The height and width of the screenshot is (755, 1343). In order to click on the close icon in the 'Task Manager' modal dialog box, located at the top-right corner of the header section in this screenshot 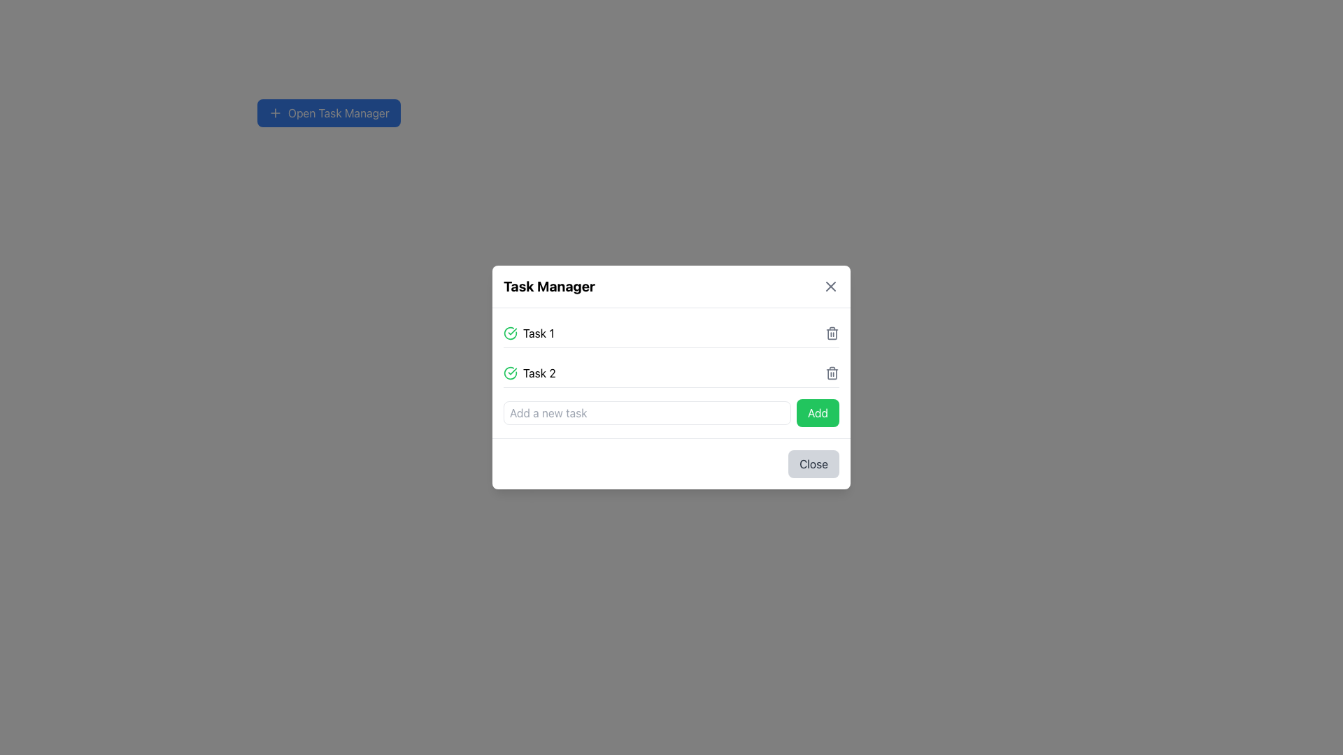, I will do `click(831, 285)`.